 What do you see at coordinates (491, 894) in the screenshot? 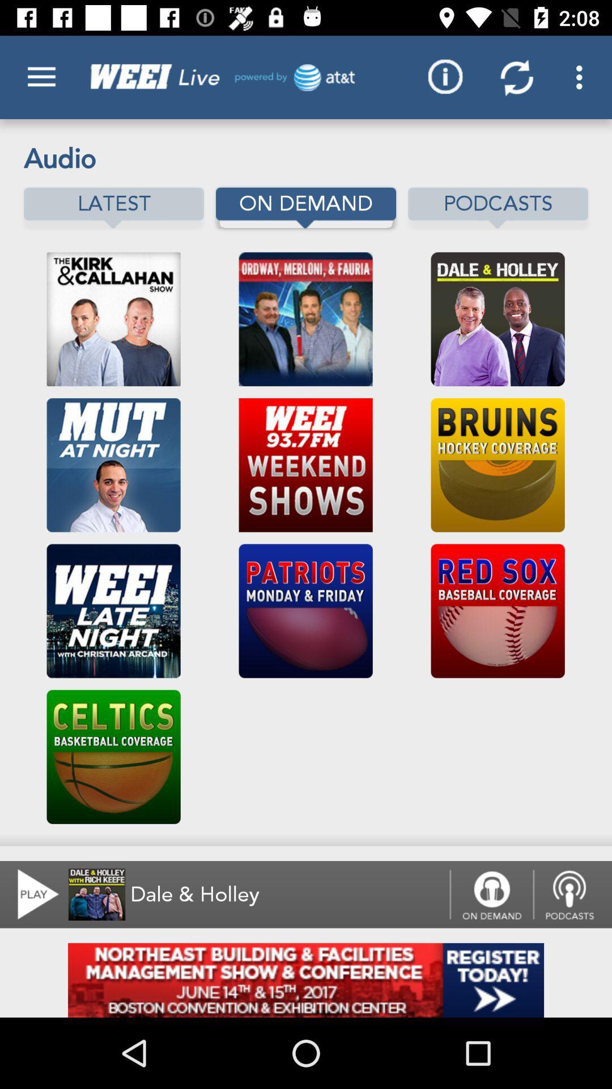
I see `the lock icon` at bounding box center [491, 894].